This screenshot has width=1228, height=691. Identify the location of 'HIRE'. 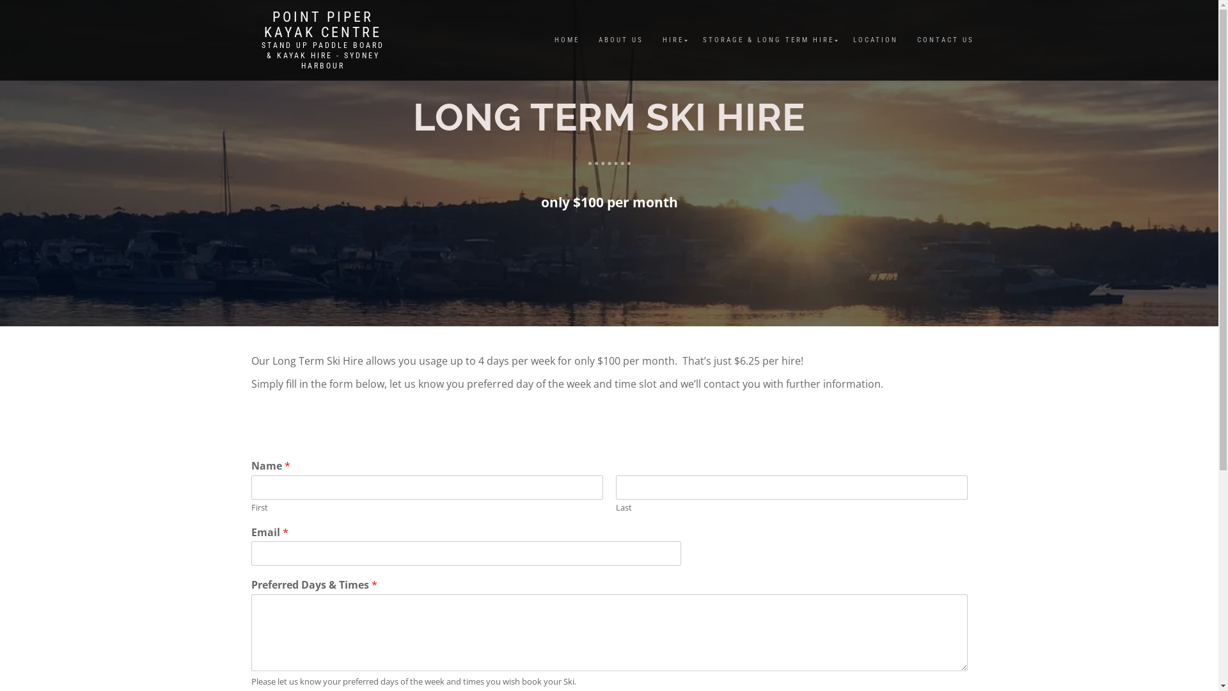
(652, 39).